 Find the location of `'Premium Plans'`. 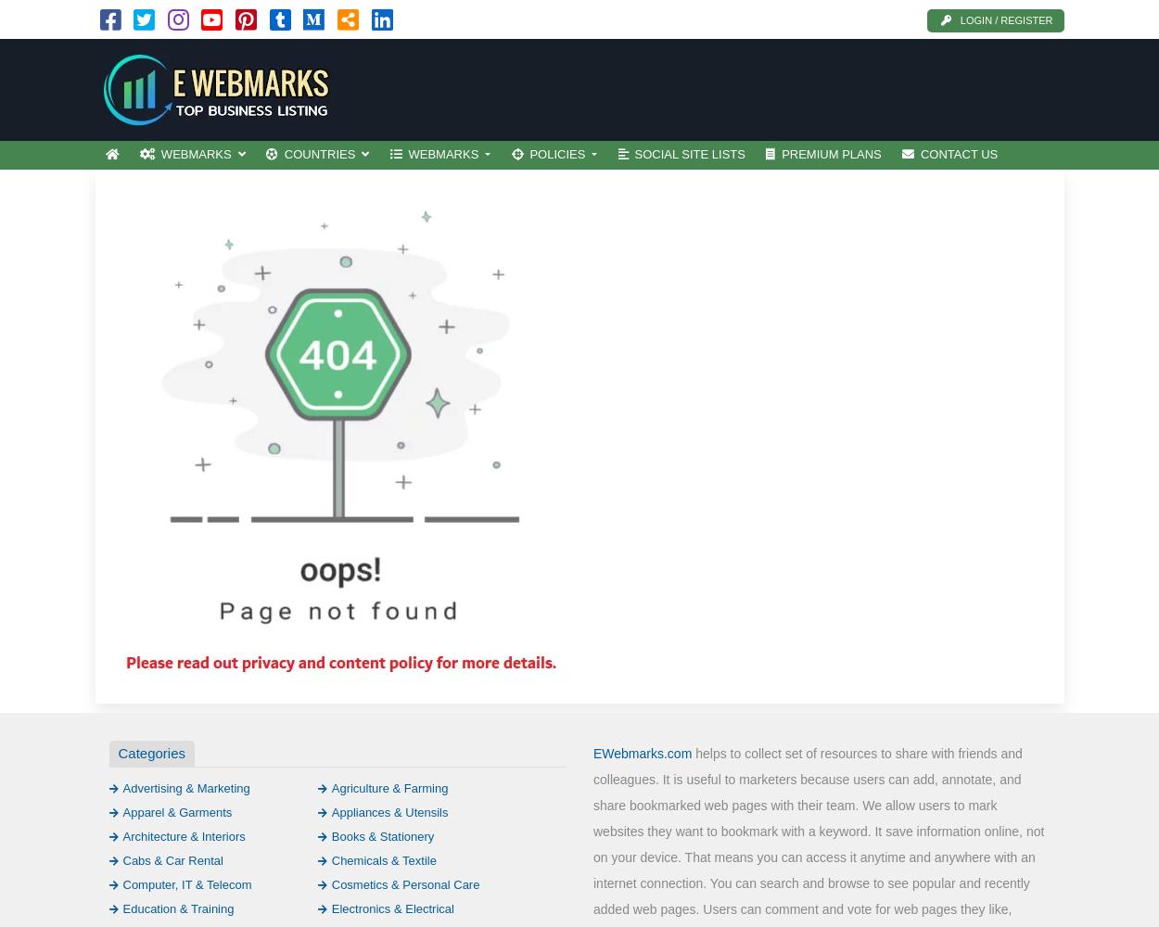

'Premium Plans' is located at coordinates (781, 154).